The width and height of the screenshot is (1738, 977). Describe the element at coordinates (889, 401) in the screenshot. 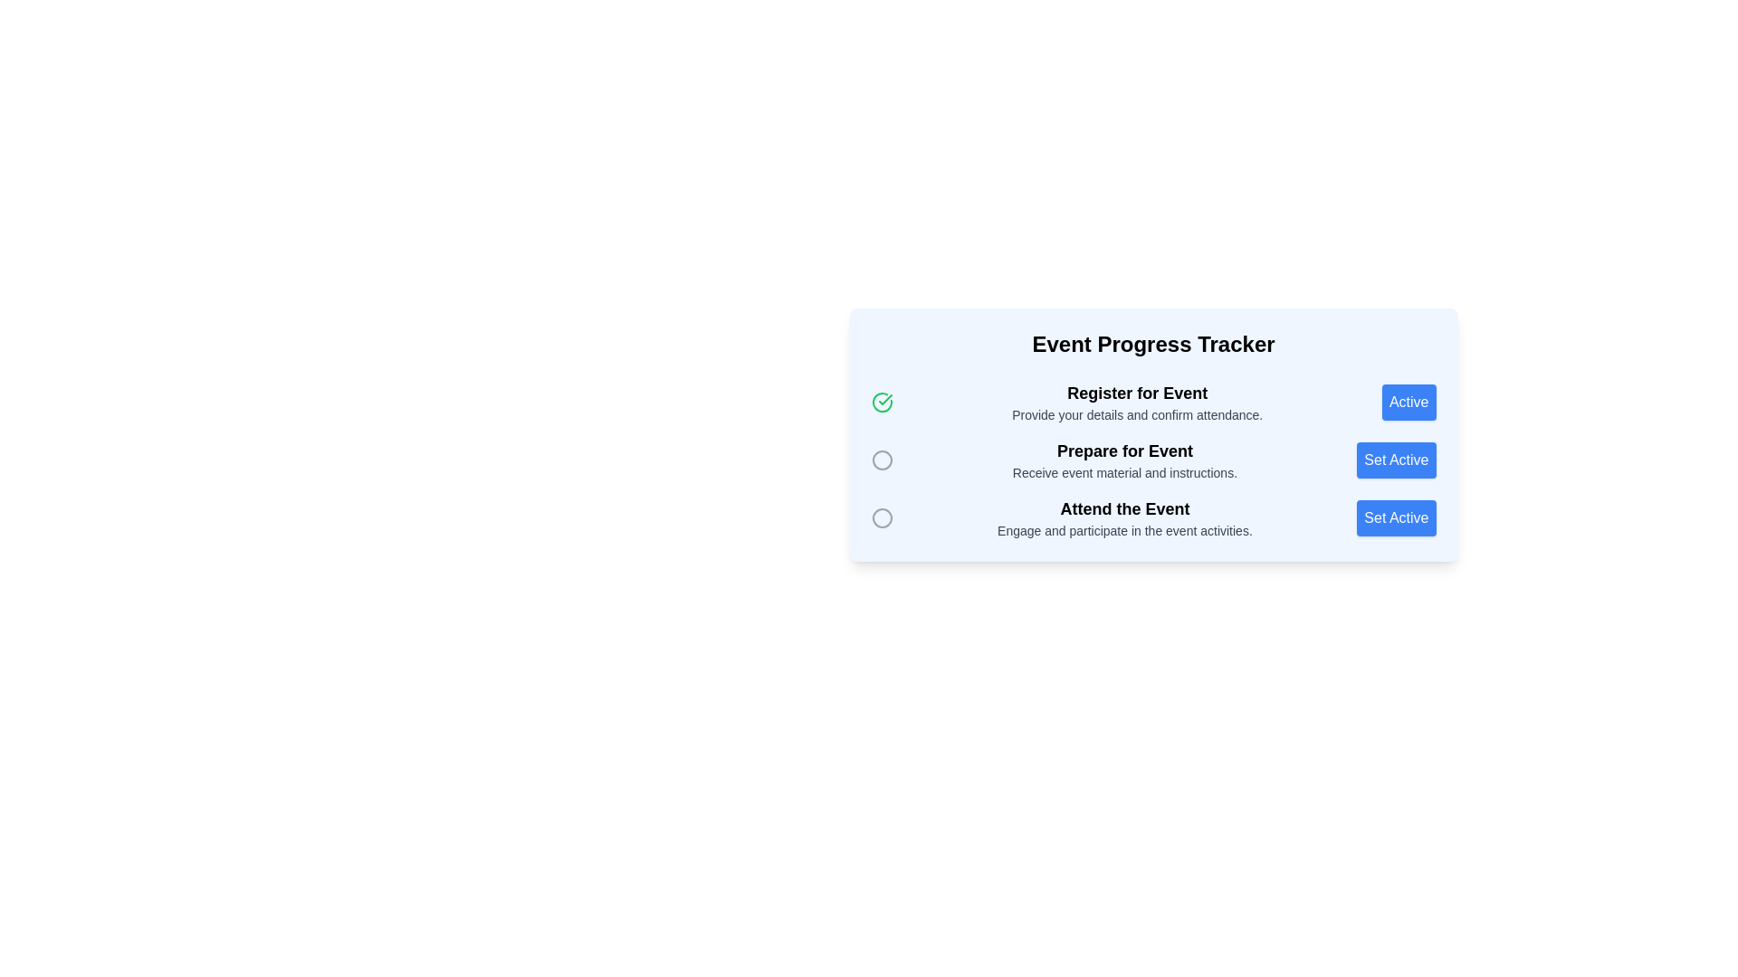

I see `the circular icon with a green checkmark indicating a completed state, located to the left of the 'Register for Event' text in the 'Event Progress Tracker' section` at that location.